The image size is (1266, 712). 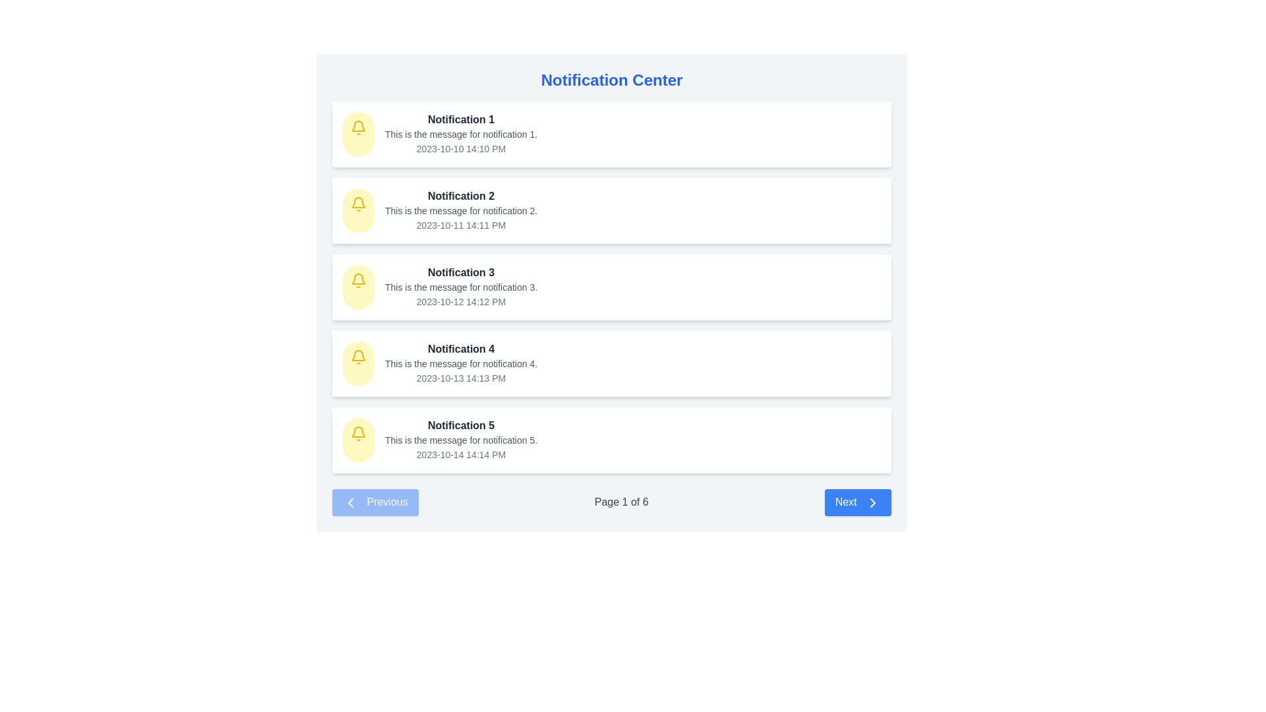 What do you see at coordinates (461, 440) in the screenshot?
I see `the text label displaying 'This is the message for notification 5.' which is located within the notification block for 'Notification 5'` at bounding box center [461, 440].